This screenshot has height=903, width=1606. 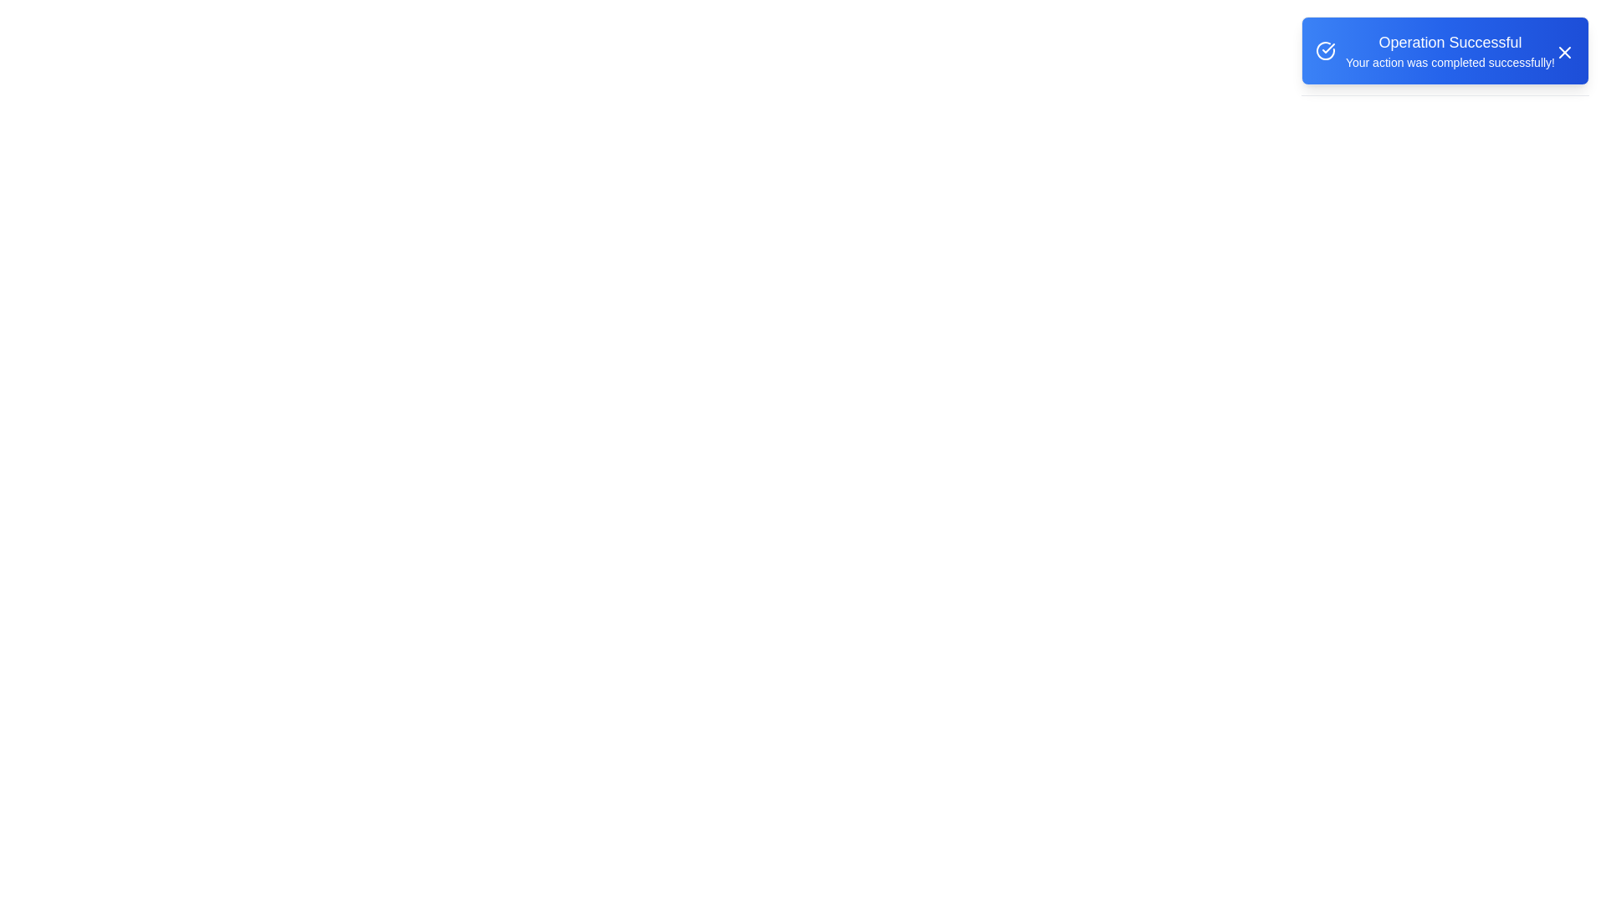 What do you see at coordinates (1324, 50) in the screenshot?
I see `the success icon in the alert component` at bounding box center [1324, 50].